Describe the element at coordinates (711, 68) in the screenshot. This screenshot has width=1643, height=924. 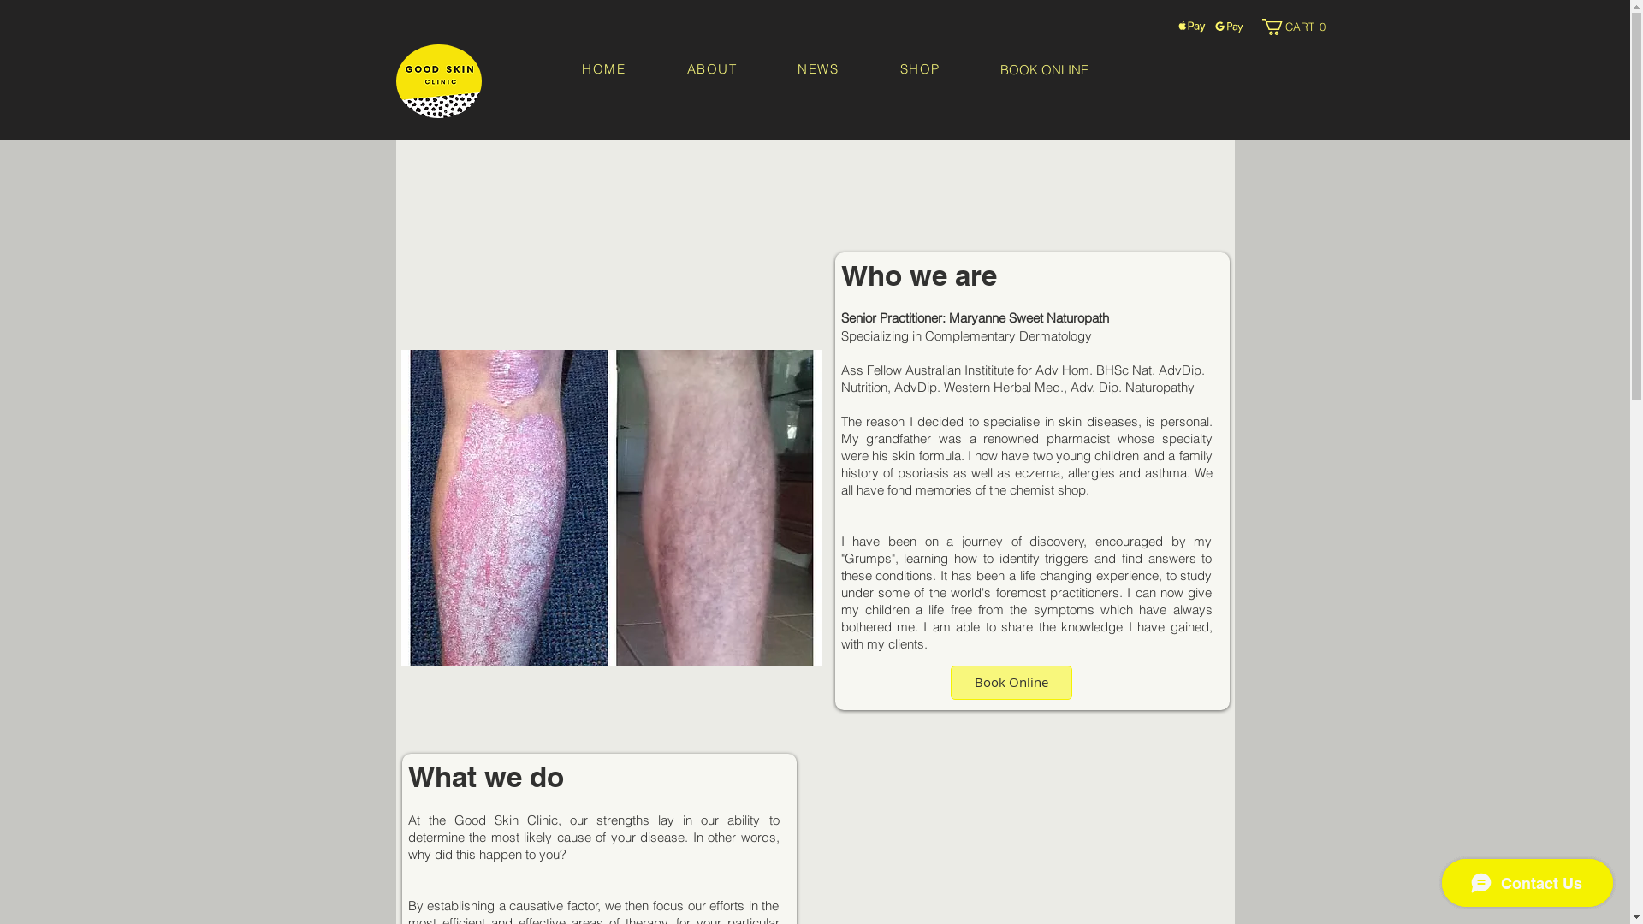
I see `'ABOUT'` at that location.